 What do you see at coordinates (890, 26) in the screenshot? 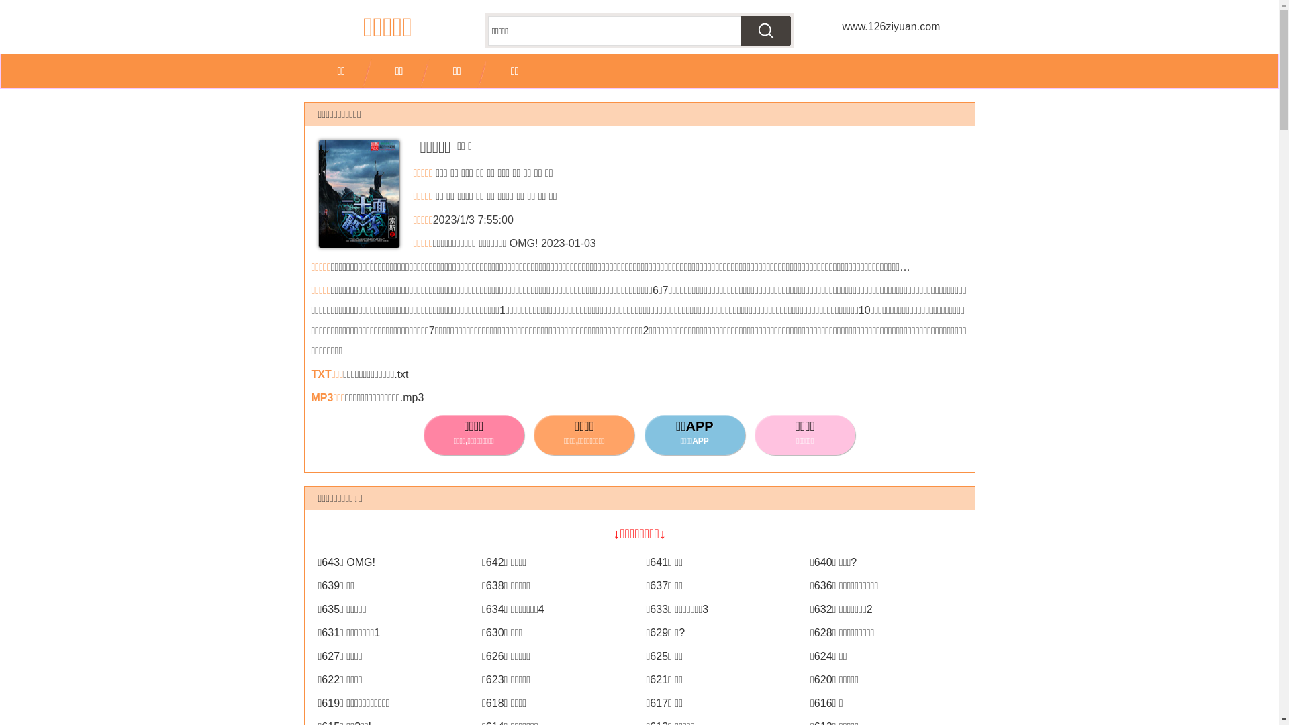
I see `'www.126ziyuan.com'` at bounding box center [890, 26].